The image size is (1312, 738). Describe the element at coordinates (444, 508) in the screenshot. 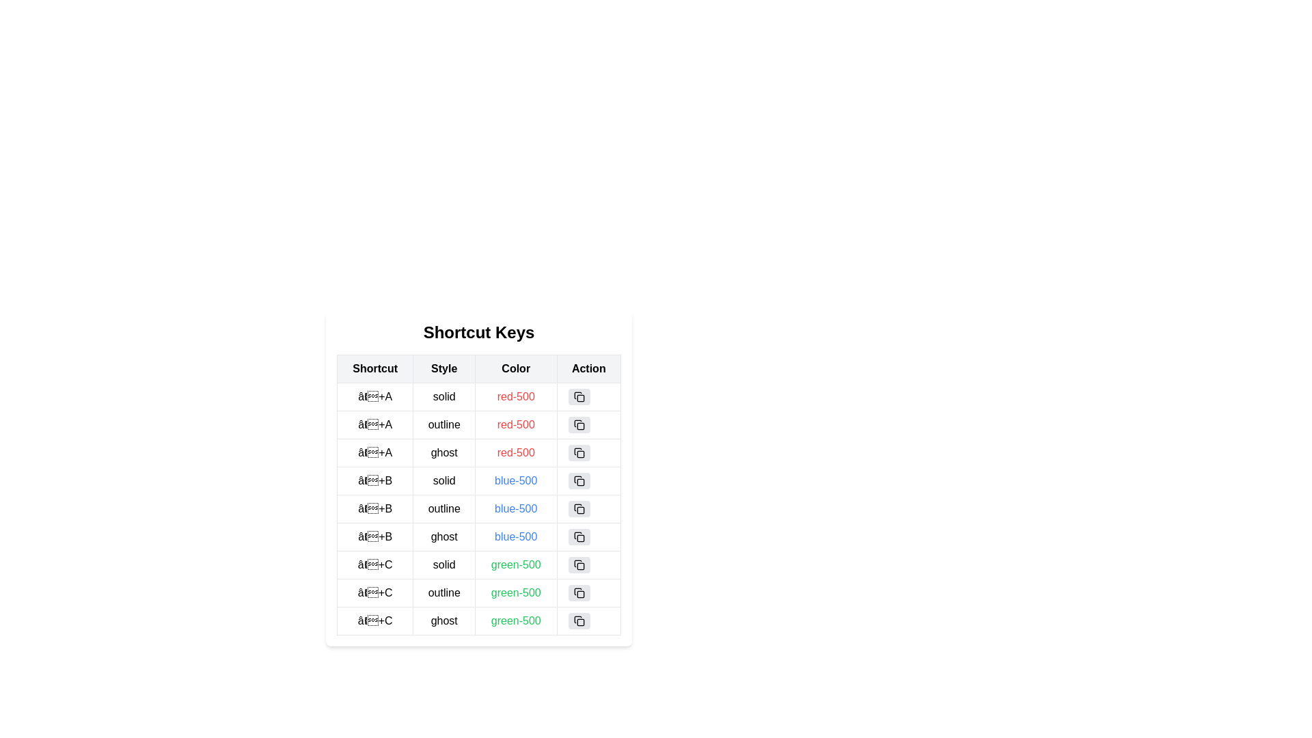

I see `the Text label that describes the 'outline' styling option for the '⌘+B' shortcut and 'blue-500' color style, located in the 'Style' column of the fifth row` at that location.